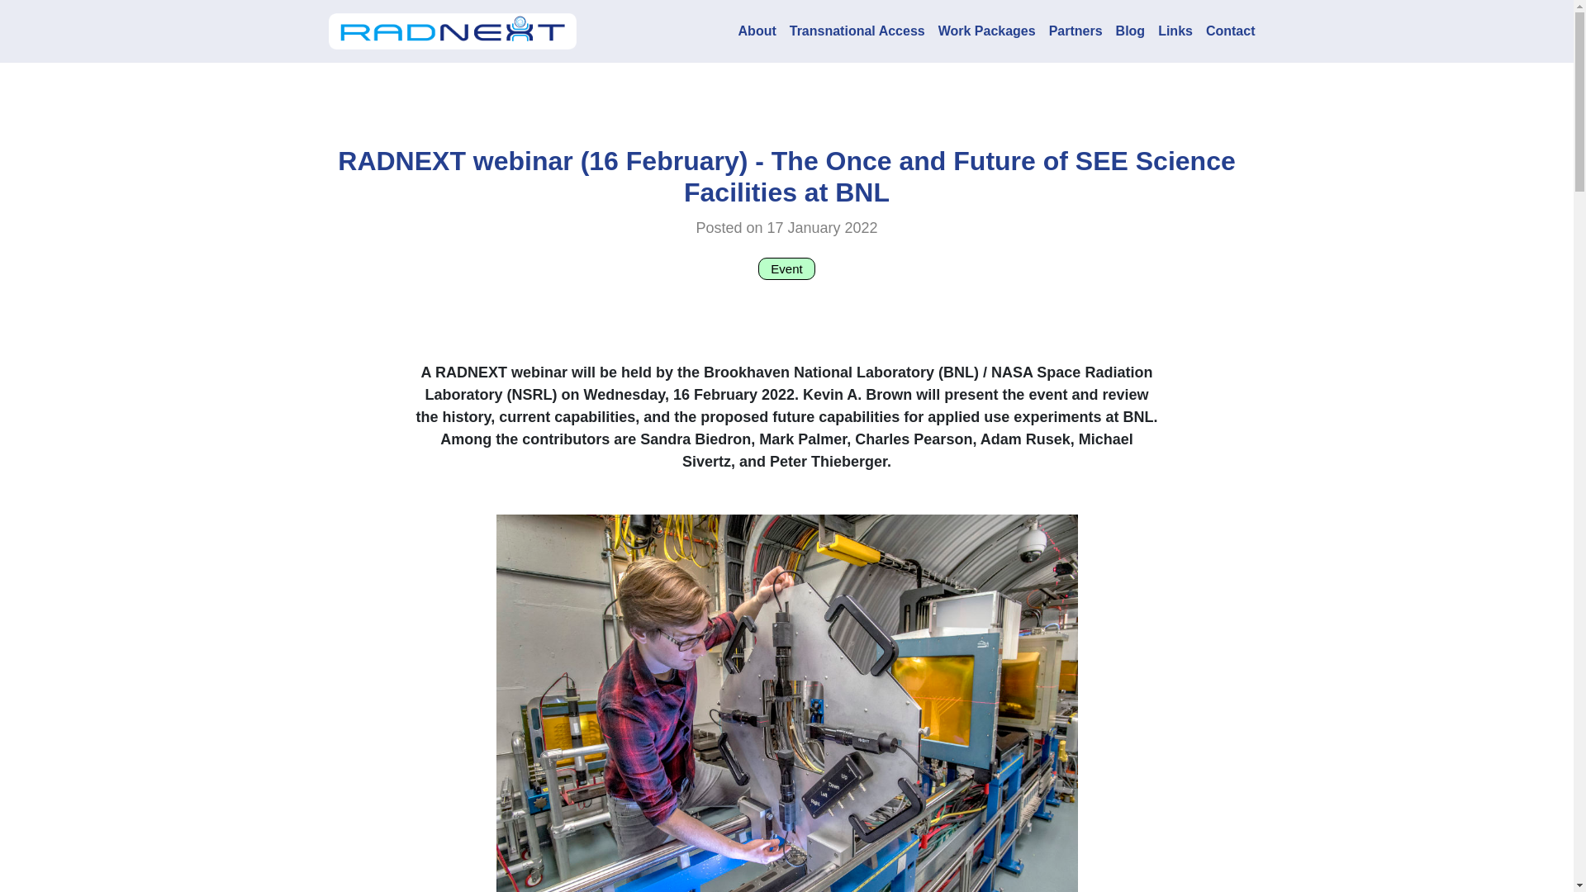 The height and width of the screenshot is (892, 1586). Describe the element at coordinates (857, 31) in the screenshot. I see `'Transnational Access'` at that location.